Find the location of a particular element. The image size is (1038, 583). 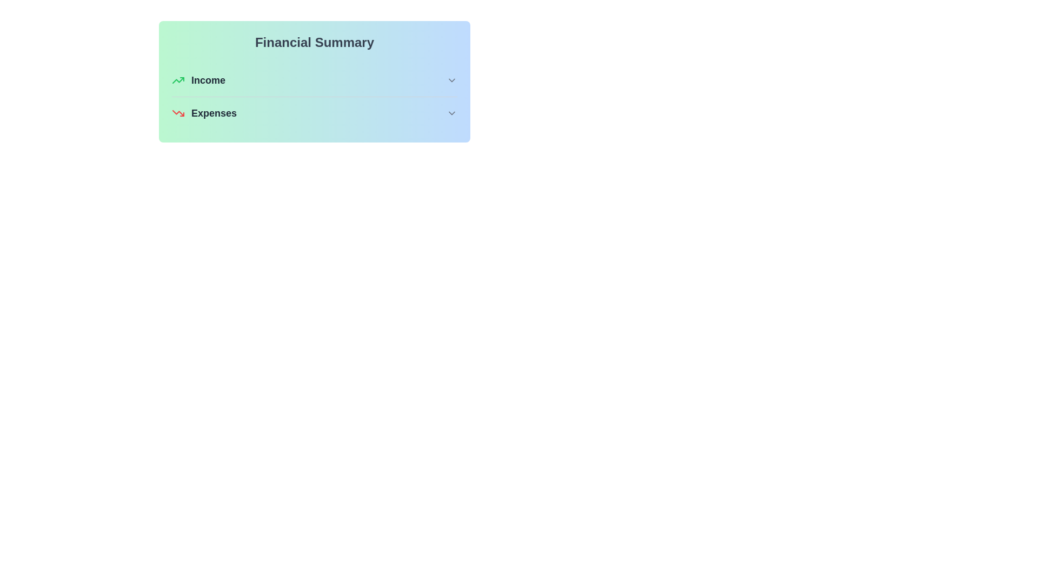

the financial information header text label that summarizes the content and purpose of the section below it is located at coordinates (314, 42).